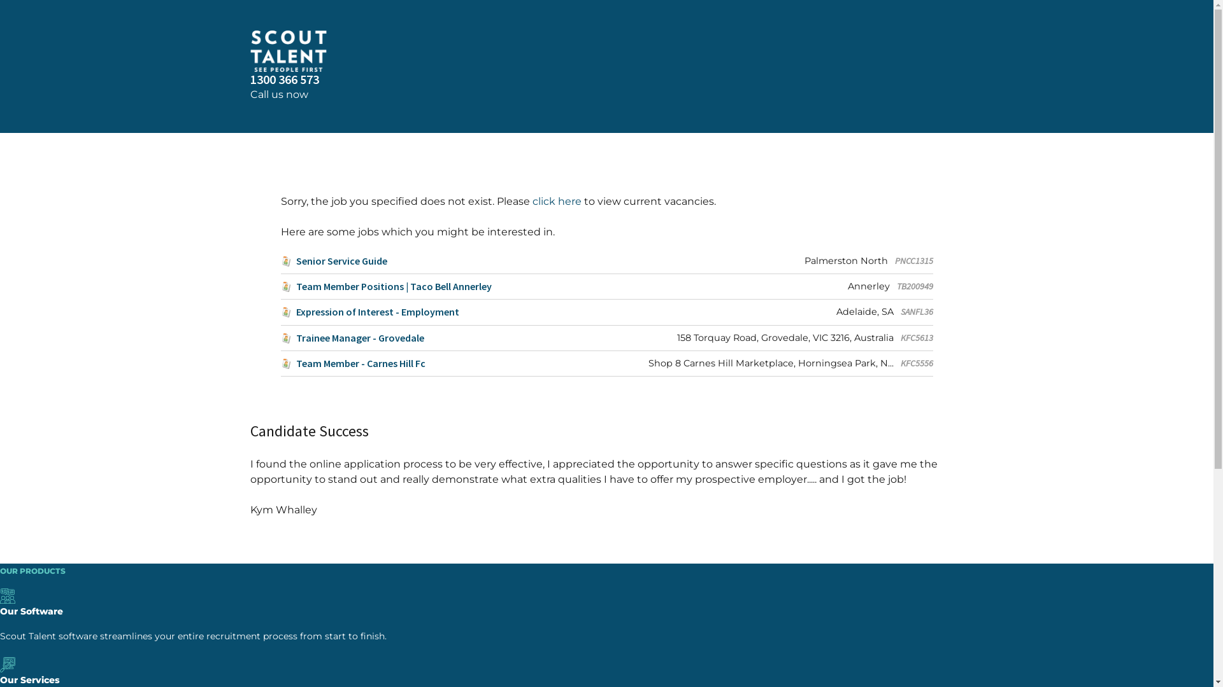 This screenshot has width=1223, height=687. What do you see at coordinates (369, 312) in the screenshot?
I see `'Expression of Interest - Employment'` at bounding box center [369, 312].